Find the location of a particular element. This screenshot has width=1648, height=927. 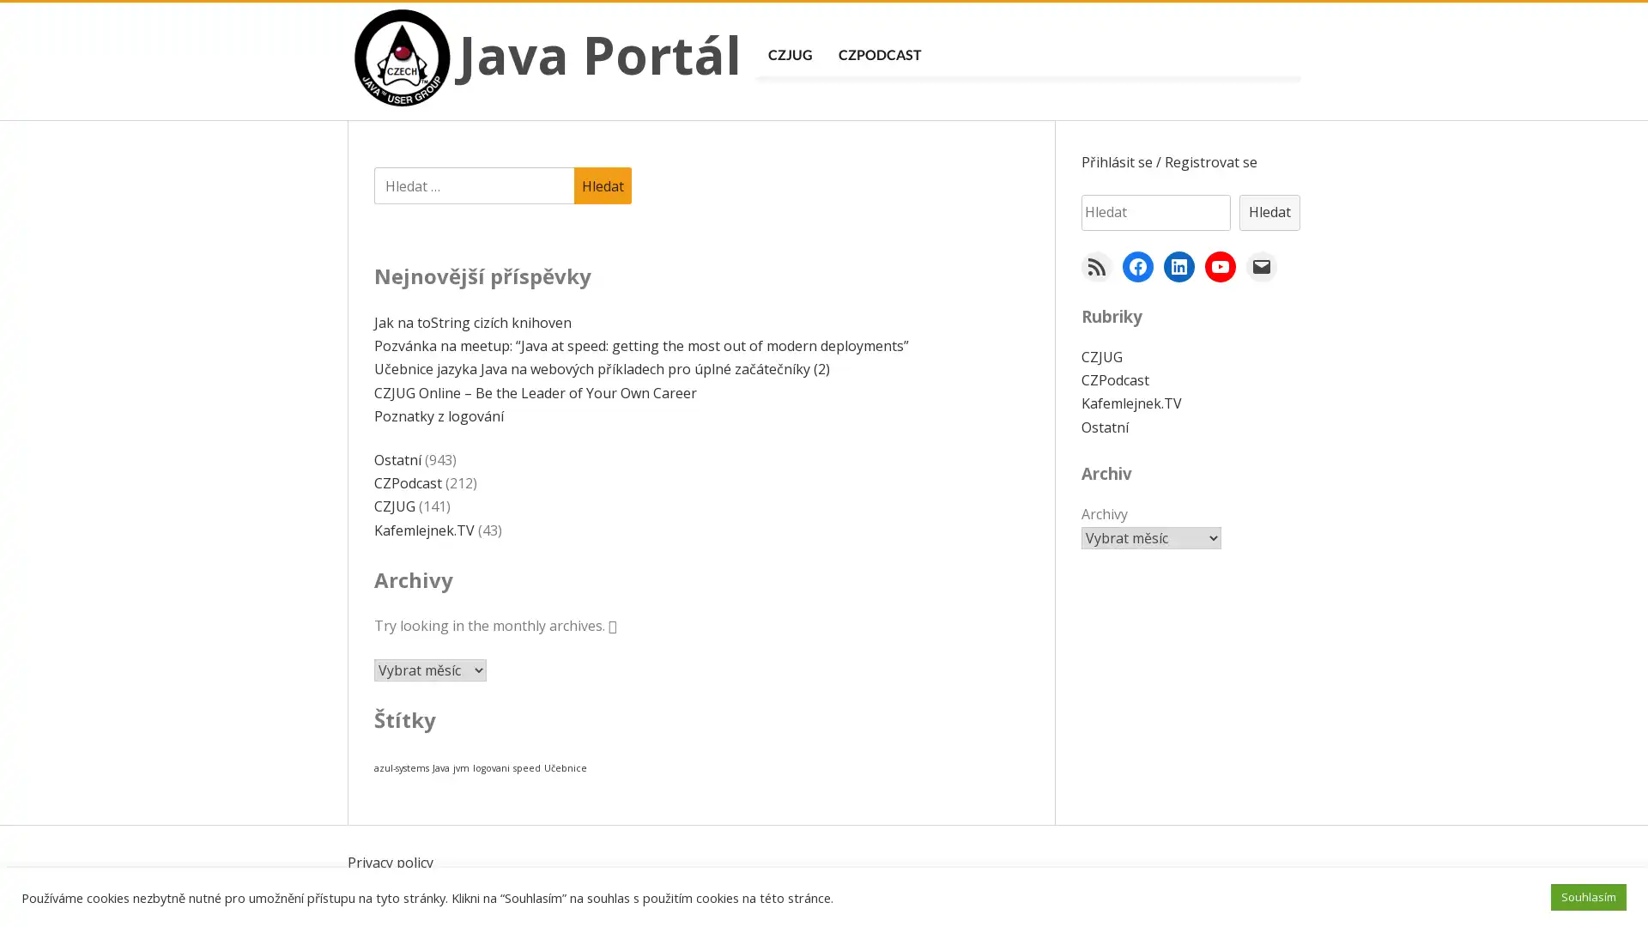

Hledat is located at coordinates (603, 185).